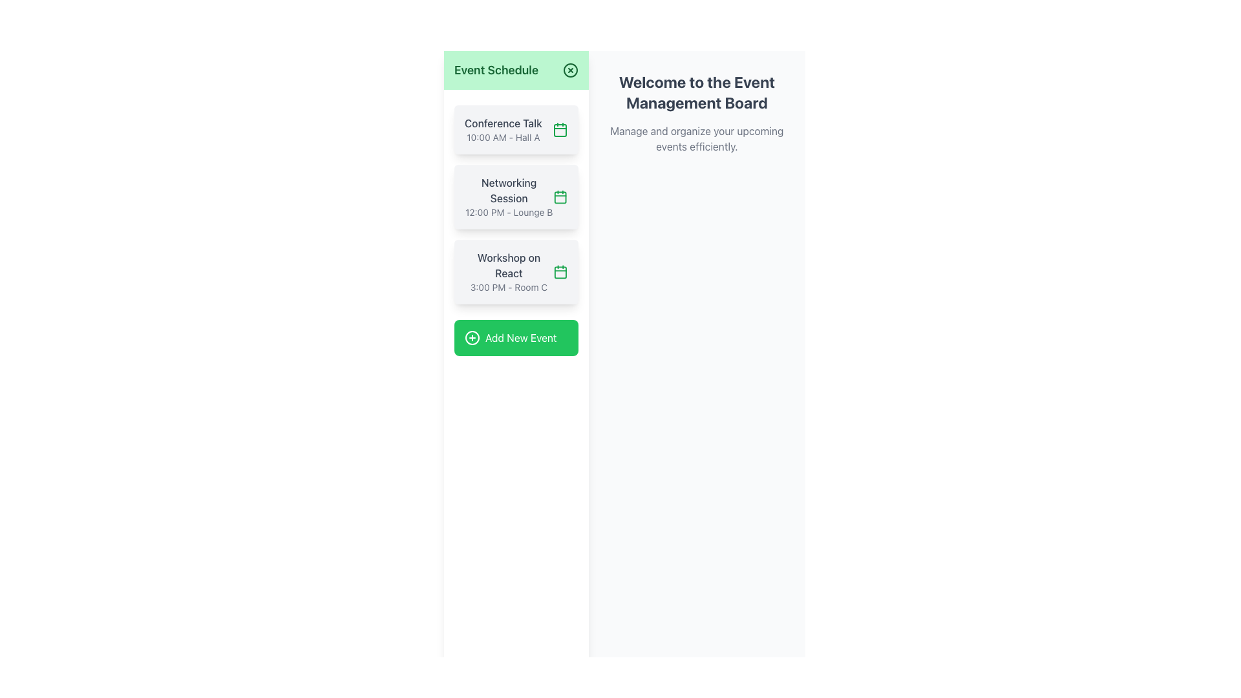 The height and width of the screenshot is (698, 1241). What do you see at coordinates (560, 271) in the screenshot?
I see `the graphical element within the calendar icon next to the 'Workshop on React' event description` at bounding box center [560, 271].